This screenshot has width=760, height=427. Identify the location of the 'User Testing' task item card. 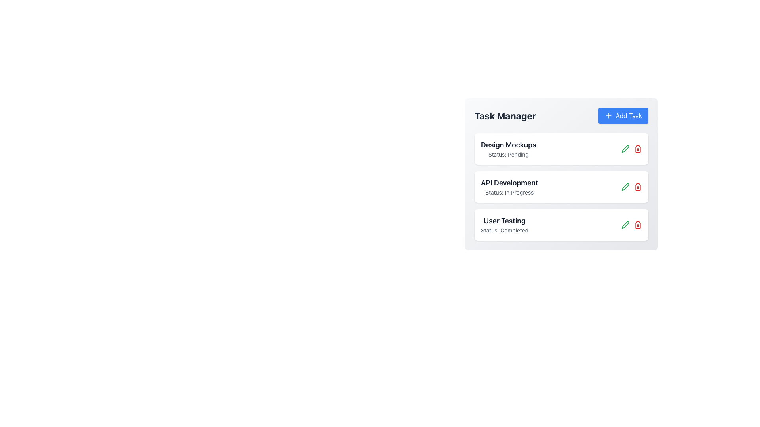
(561, 225).